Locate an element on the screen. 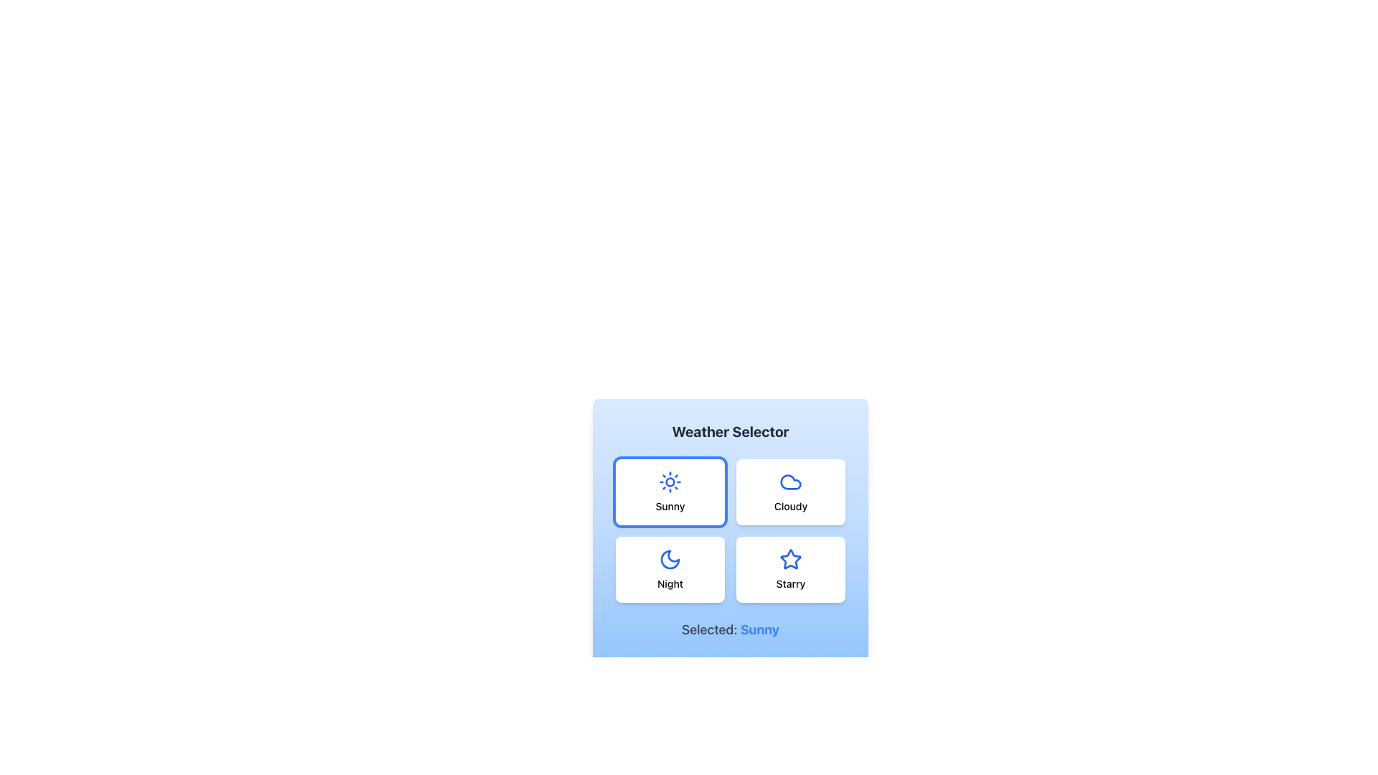 This screenshot has width=1378, height=775. the static text header indicating the purpose of the interface for selecting weather-related options, which is centrally aligned at the top of the weather selection interface is located at coordinates (730, 431).